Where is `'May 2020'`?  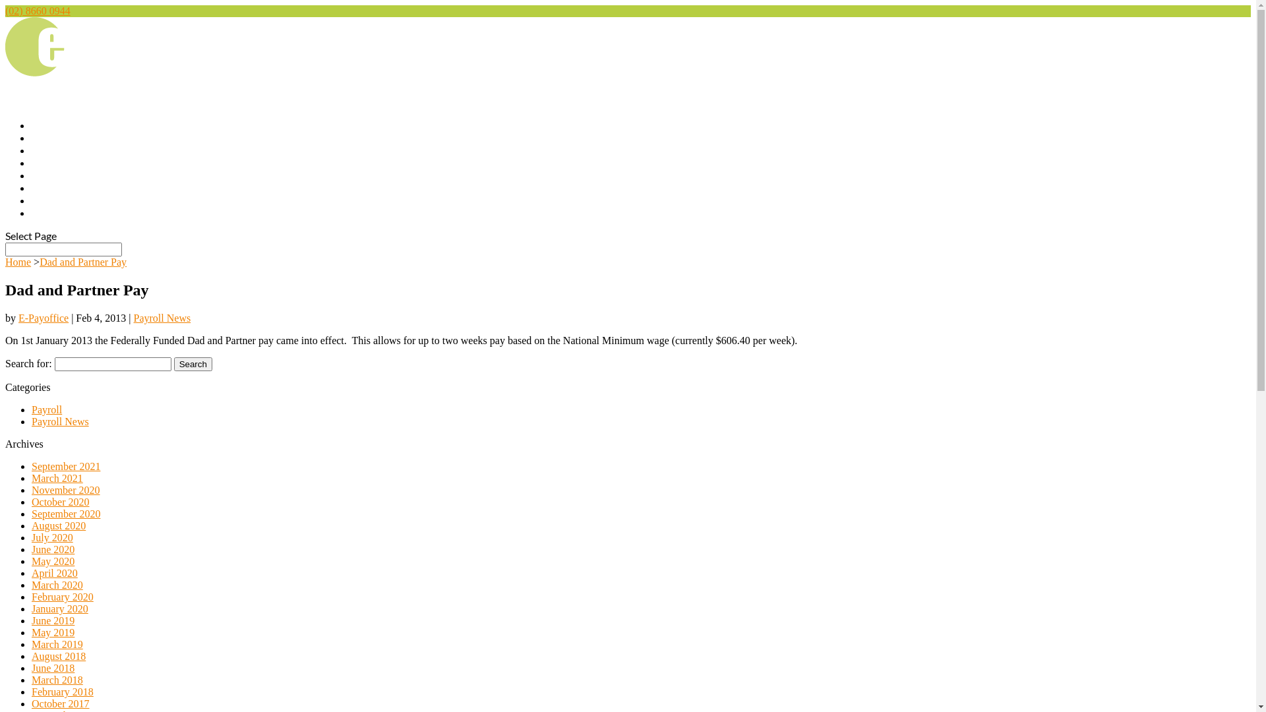 'May 2020' is located at coordinates (53, 561).